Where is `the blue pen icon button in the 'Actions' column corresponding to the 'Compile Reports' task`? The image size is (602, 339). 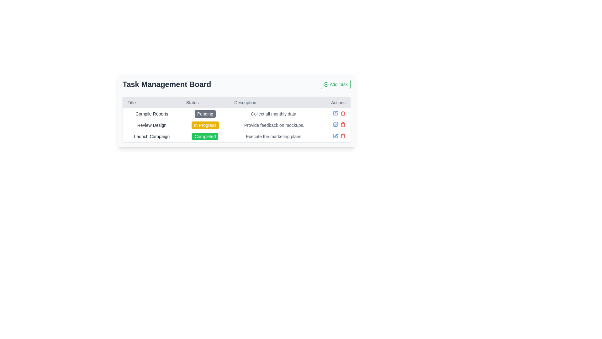
the blue pen icon button in the 'Actions' column corresponding to the 'Compile Reports' task is located at coordinates (335, 113).